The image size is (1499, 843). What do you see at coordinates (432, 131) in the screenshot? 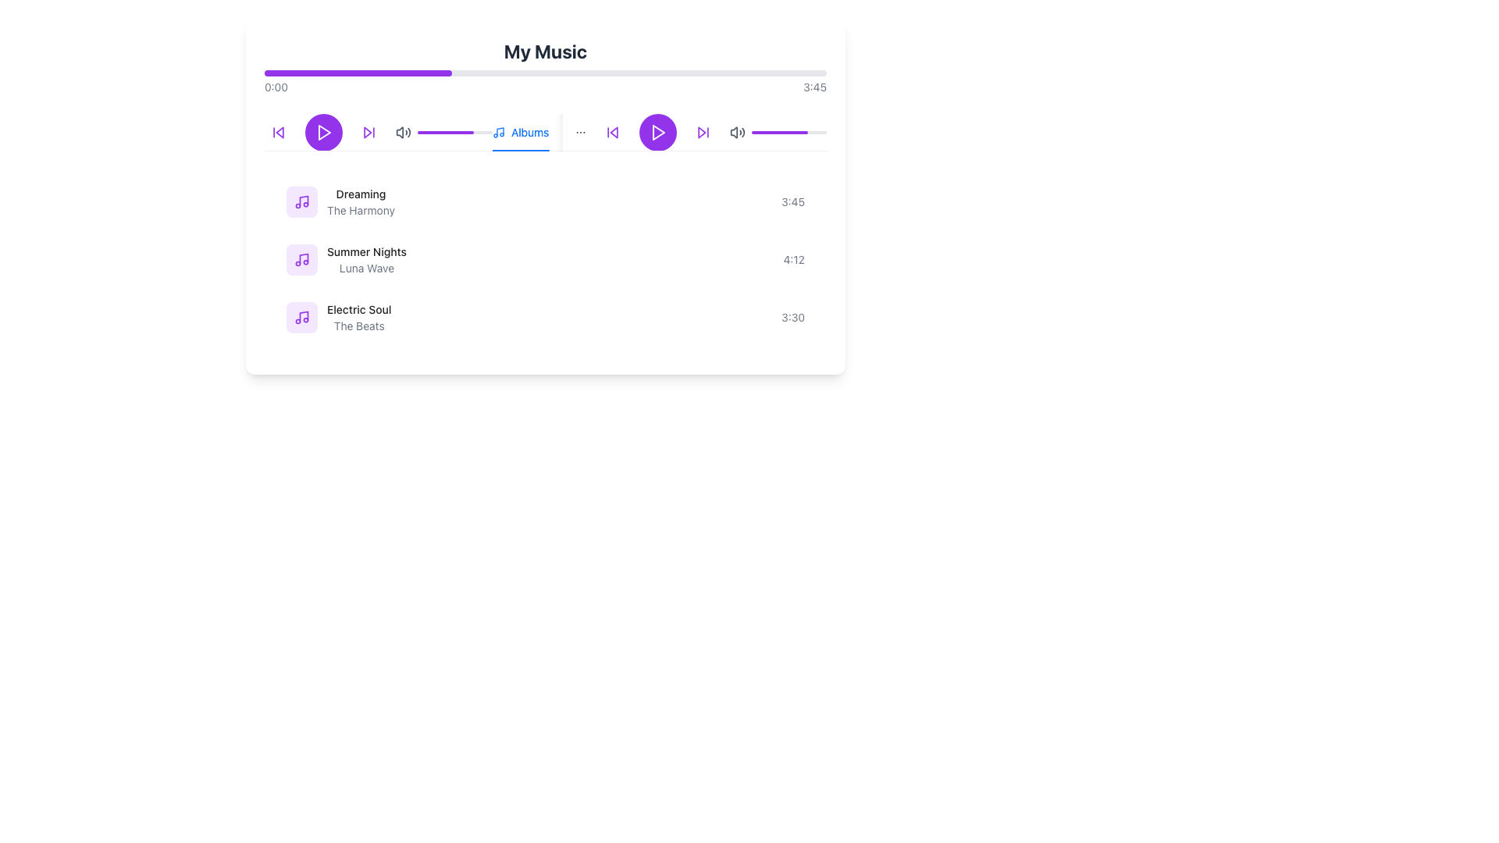
I see `the progress value` at bounding box center [432, 131].